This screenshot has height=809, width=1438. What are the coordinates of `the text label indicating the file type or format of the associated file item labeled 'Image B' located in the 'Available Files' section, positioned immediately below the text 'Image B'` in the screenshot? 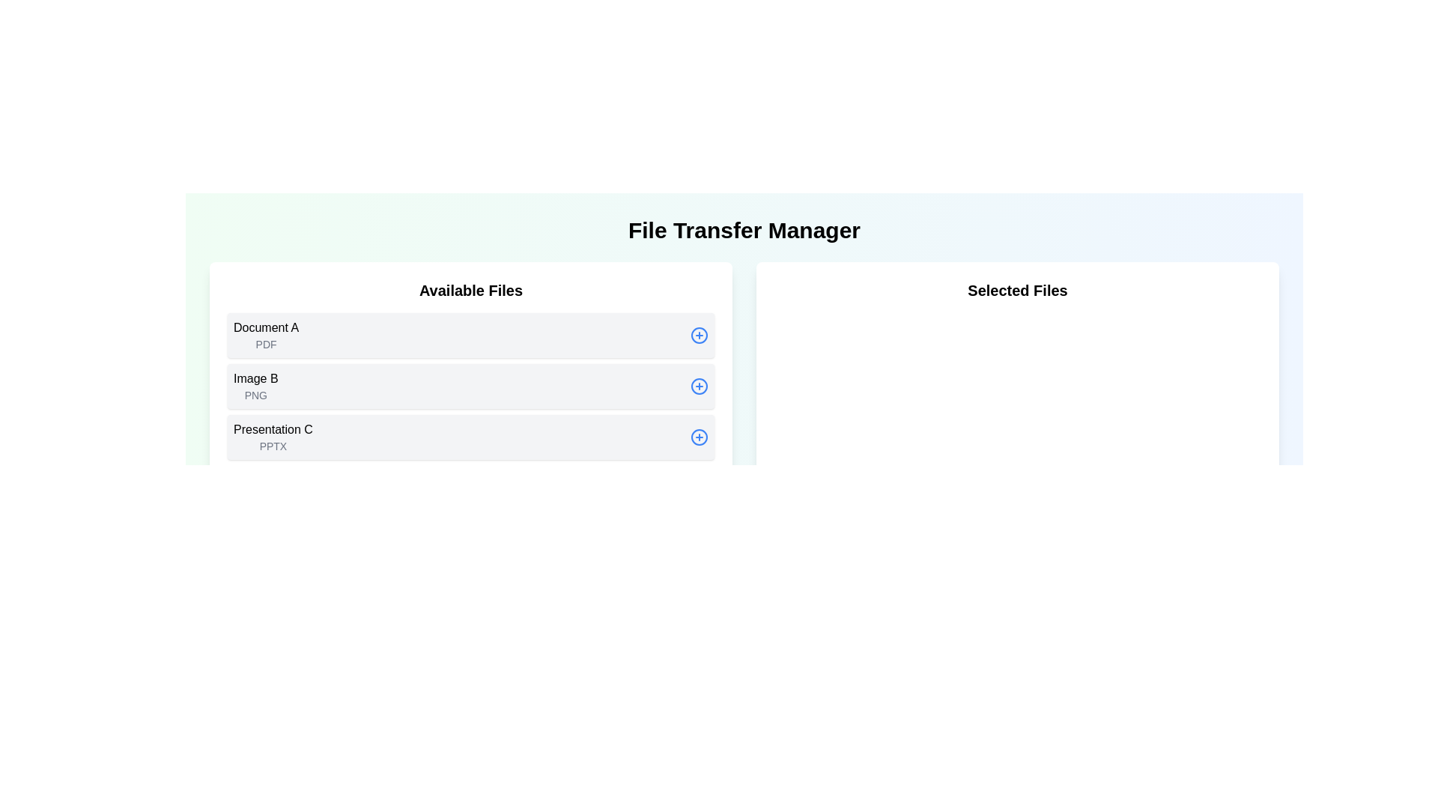 It's located at (255, 395).